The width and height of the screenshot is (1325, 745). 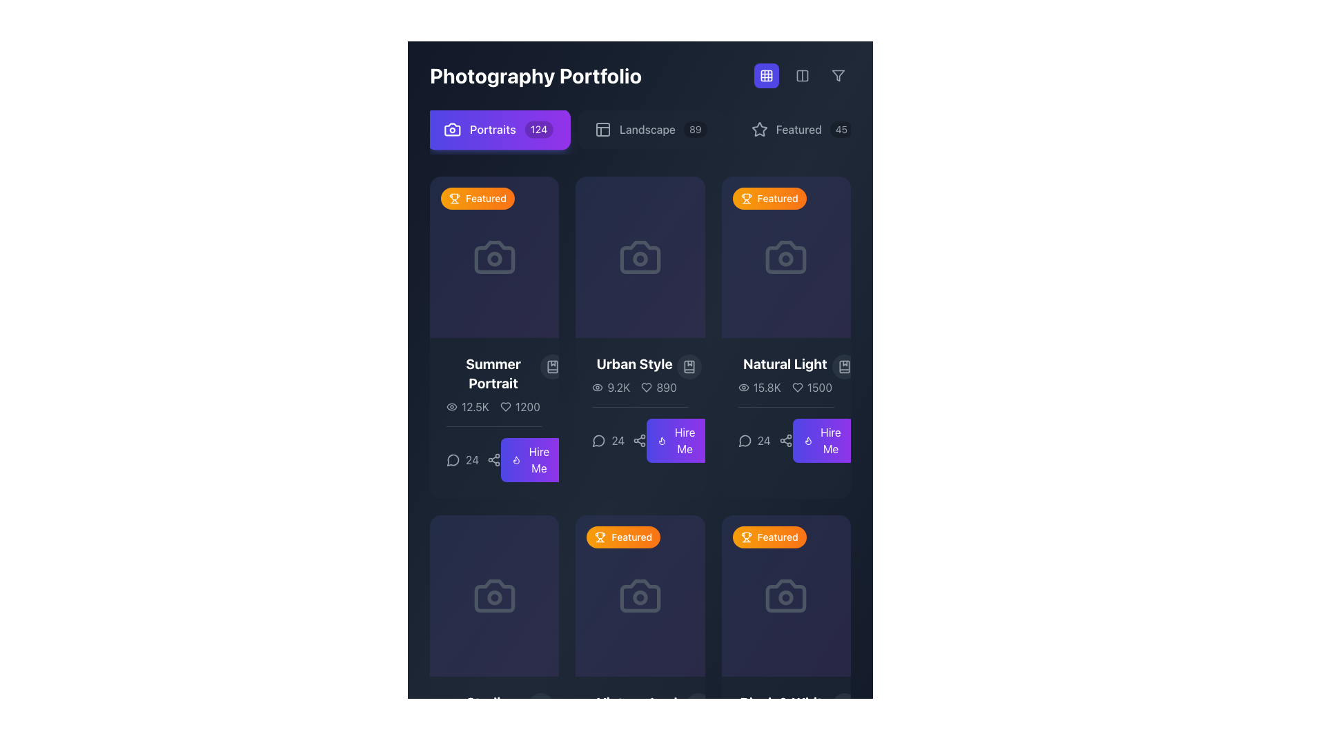 I want to click on the call-to-action button in the lower-right corner of the 'Natural Light' card, so click(x=830, y=441).